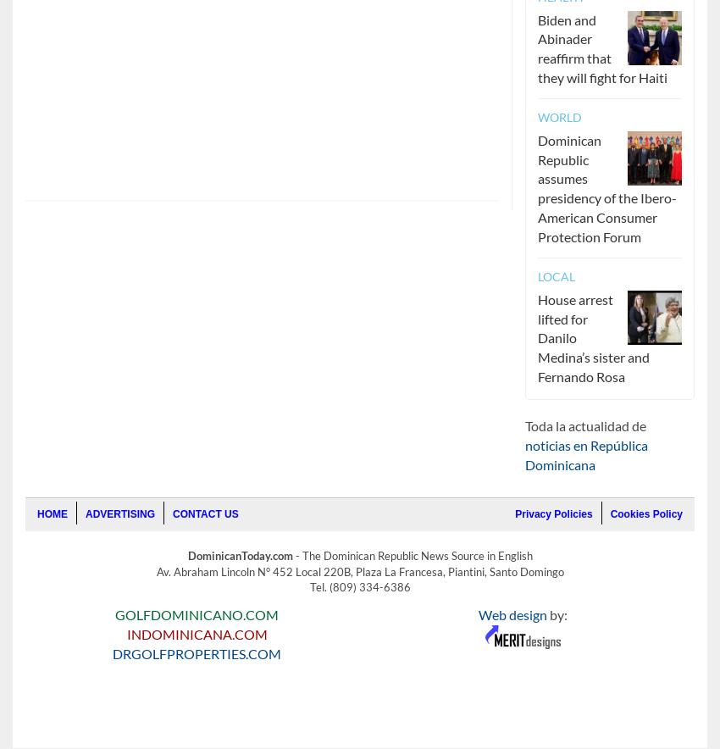  I want to click on 'Local', so click(556, 275).